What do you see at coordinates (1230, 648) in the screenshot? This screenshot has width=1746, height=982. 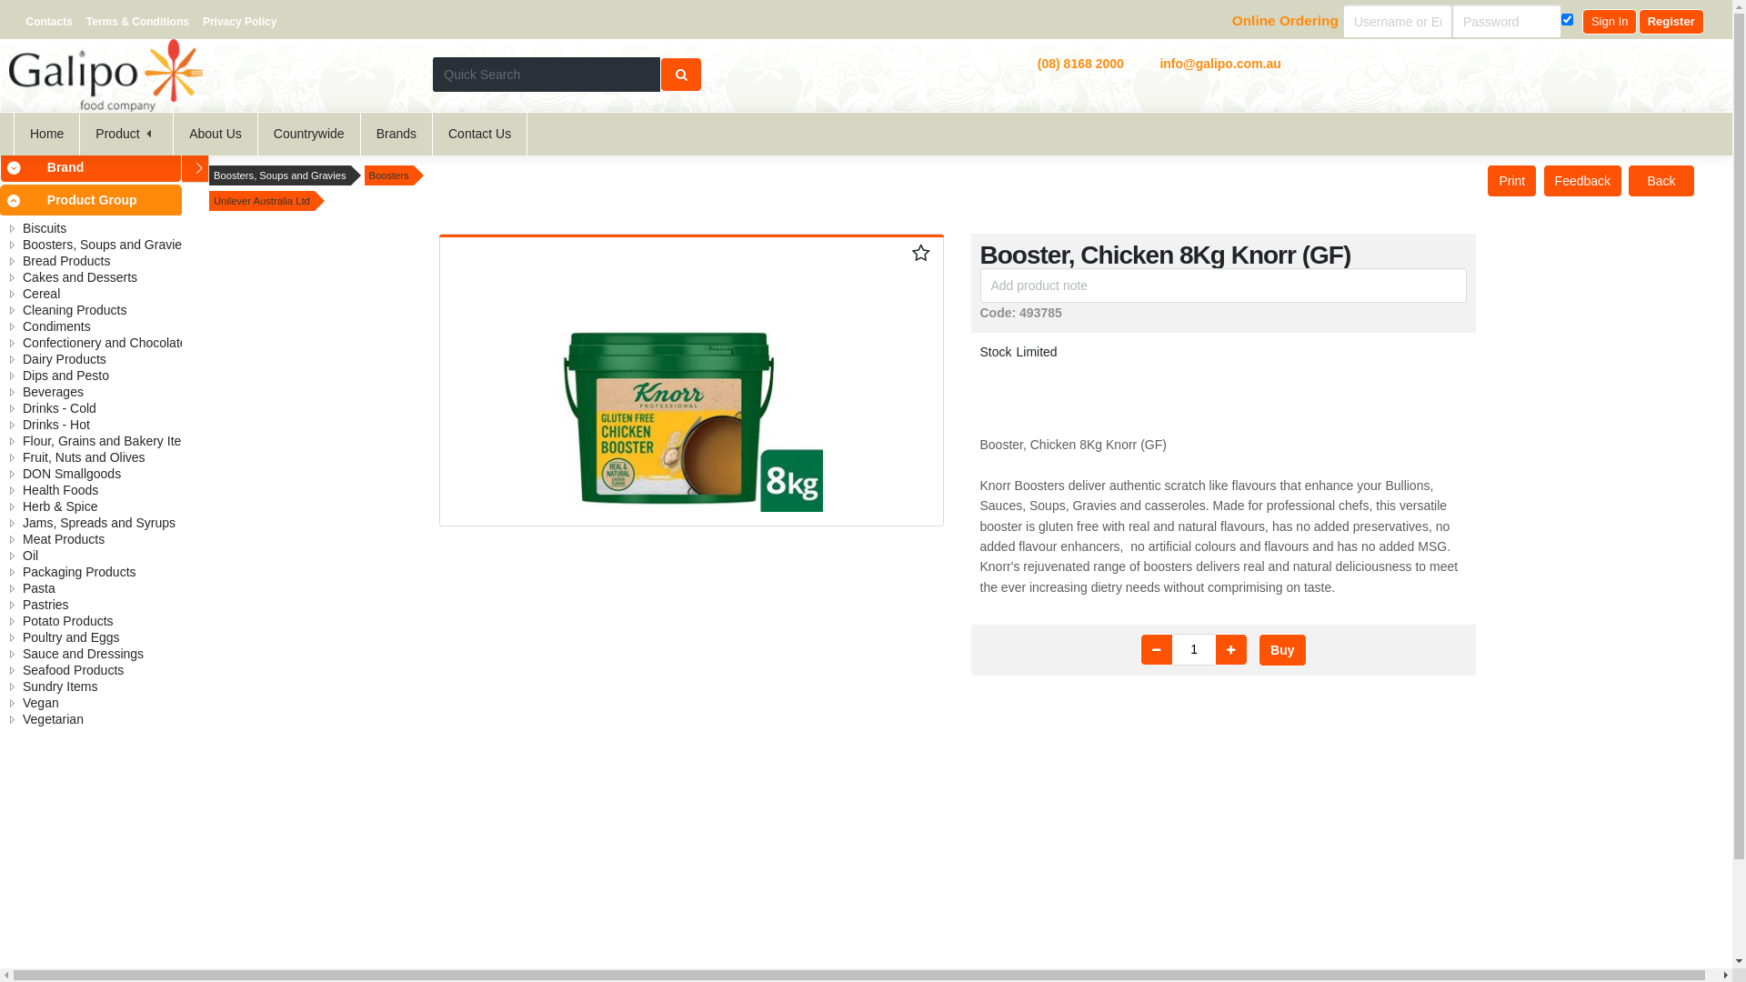 I see `'Up'` at bounding box center [1230, 648].